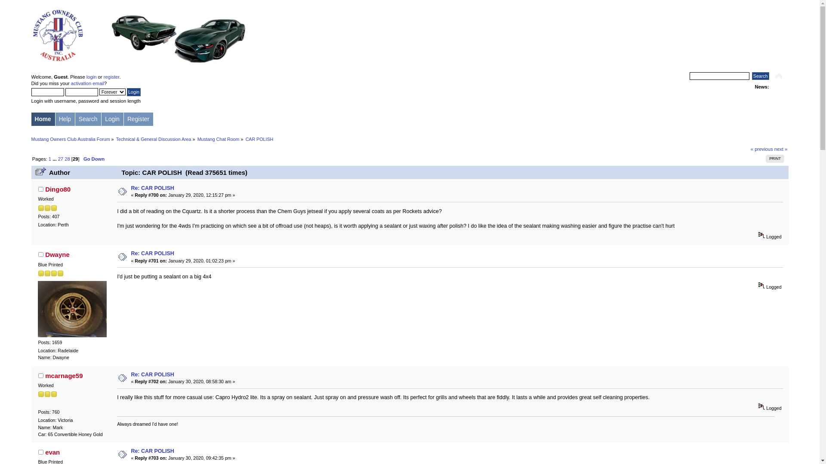 The image size is (826, 464). Describe the element at coordinates (760, 76) in the screenshot. I see `'Search'` at that location.